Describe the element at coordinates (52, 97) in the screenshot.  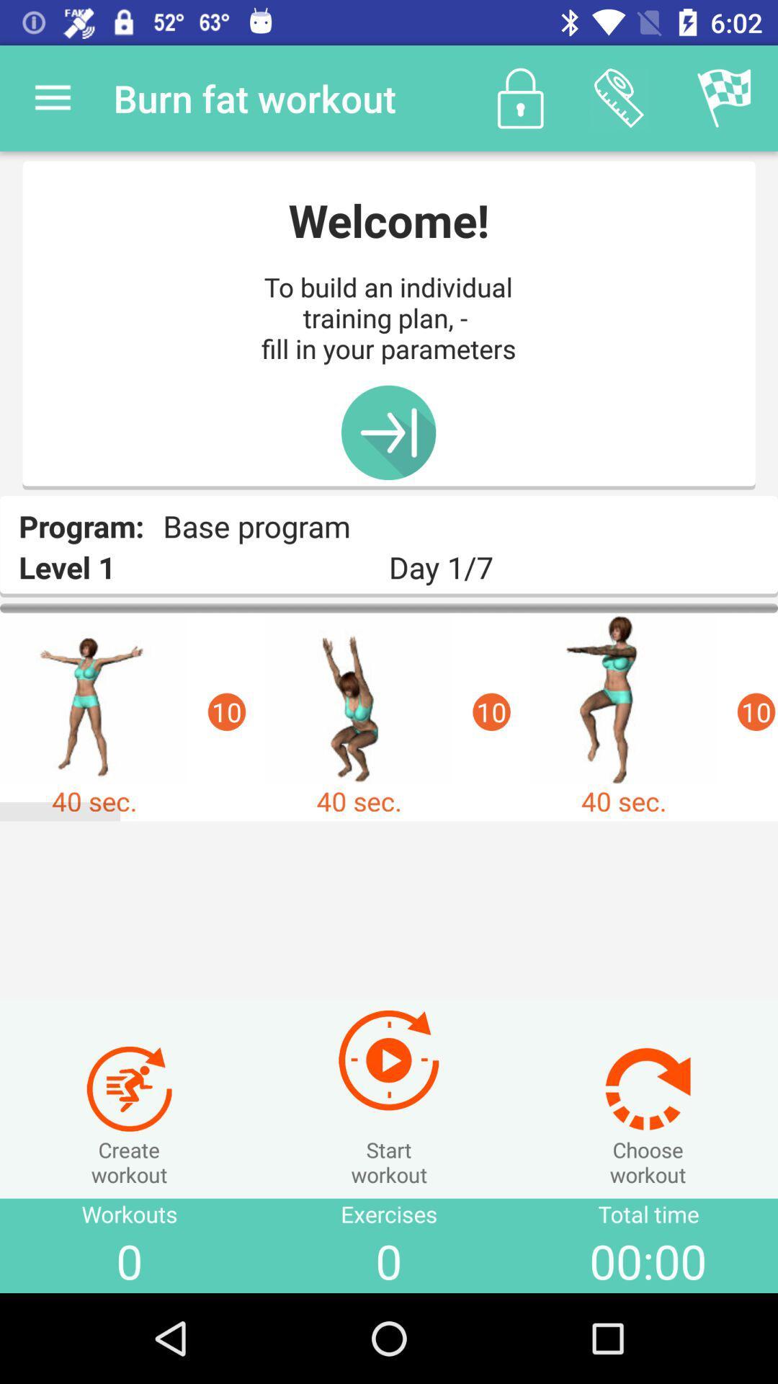
I see `item above the program: item` at that location.